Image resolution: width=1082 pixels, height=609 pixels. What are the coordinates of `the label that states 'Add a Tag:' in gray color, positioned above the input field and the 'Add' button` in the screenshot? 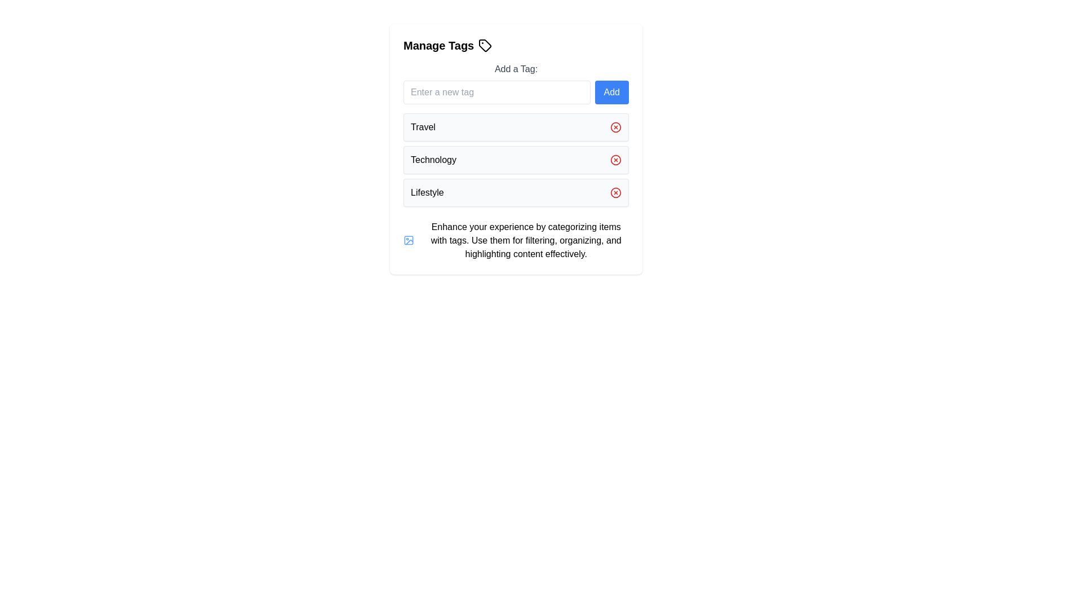 It's located at (516, 69).